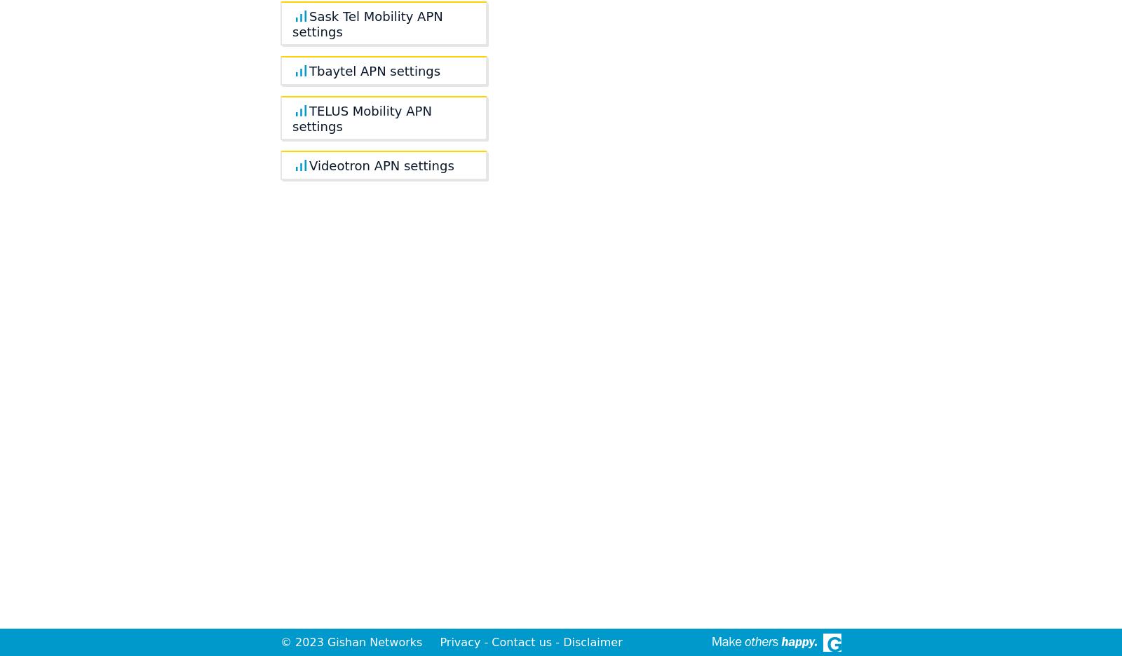 The height and width of the screenshot is (656, 1122). Describe the element at coordinates (361, 118) in the screenshot. I see `'TELUS Mobility APN settings'` at that location.